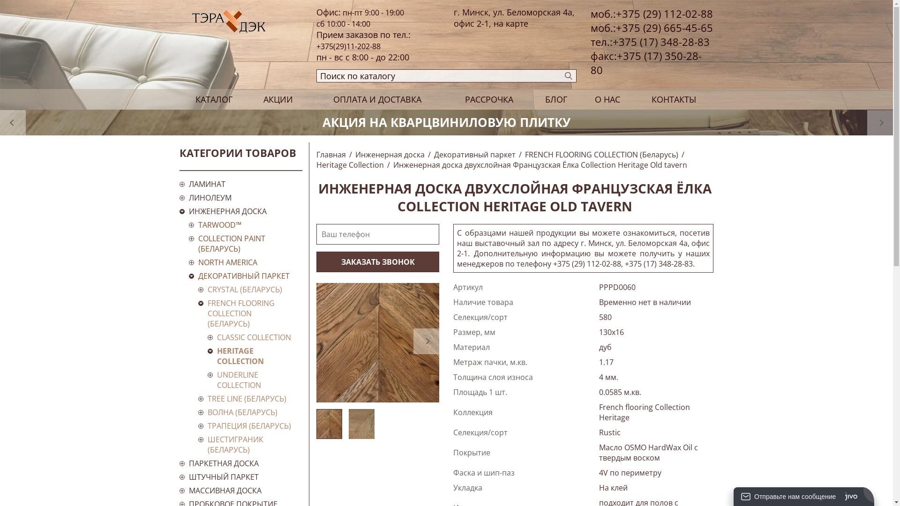  What do you see at coordinates (616, 14) in the screenshot?
I see `'+375 (29) 112-02-88'` at bounding box center [616, 14].